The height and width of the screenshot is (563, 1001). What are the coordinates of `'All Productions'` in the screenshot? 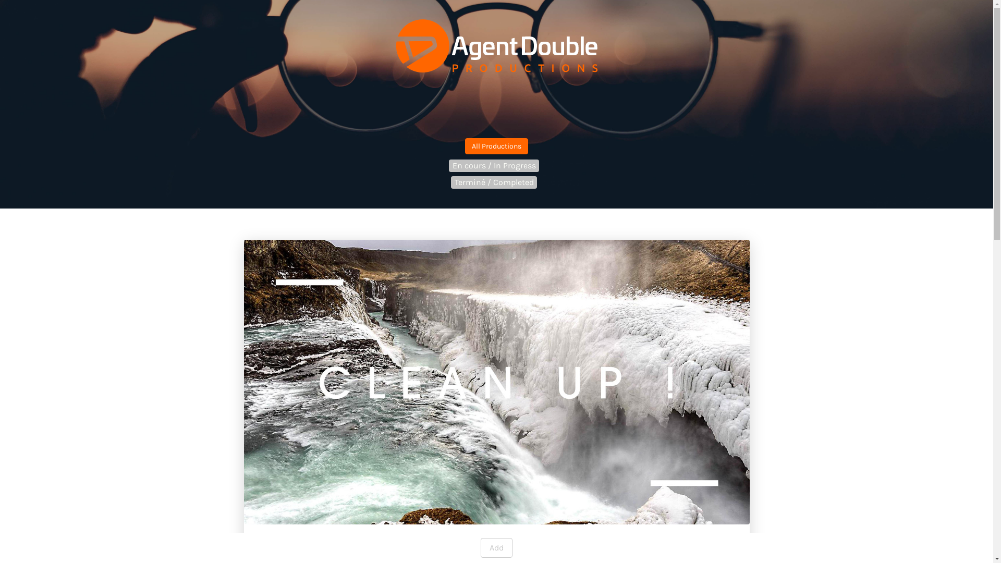 It's located at (496, 146).